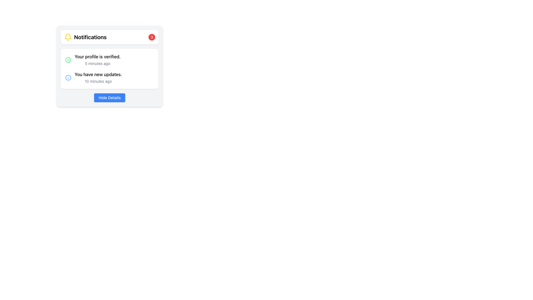  What do you see at coordinates (97, 57) in the screenshot?
I see `the Static Text Display that indicates the user's profile status as verified, located in the notification card on the center-right of the interface` at bounding box center [97, 57].